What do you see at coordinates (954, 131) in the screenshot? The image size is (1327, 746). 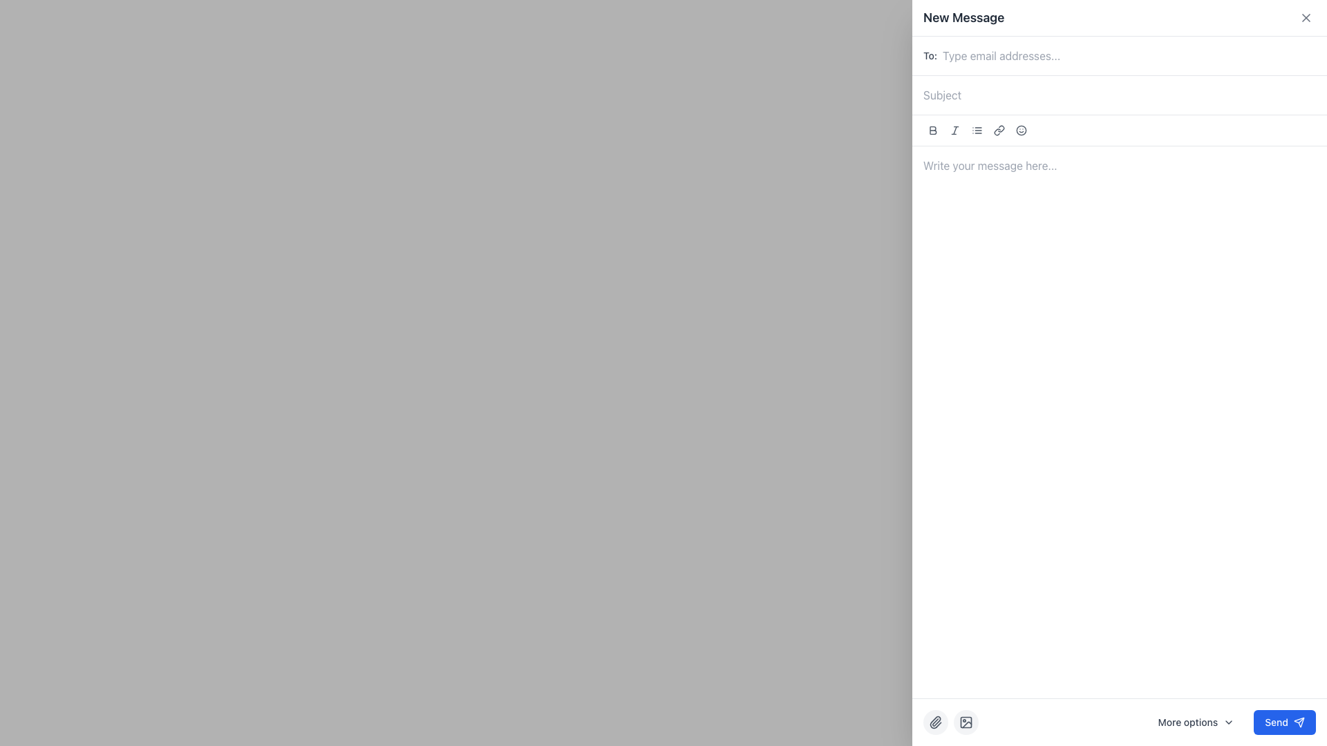 I see `the italic formatting button located in the toolbar below the 'Subject' field in the email composition interface` at bounding box center [954, 131].